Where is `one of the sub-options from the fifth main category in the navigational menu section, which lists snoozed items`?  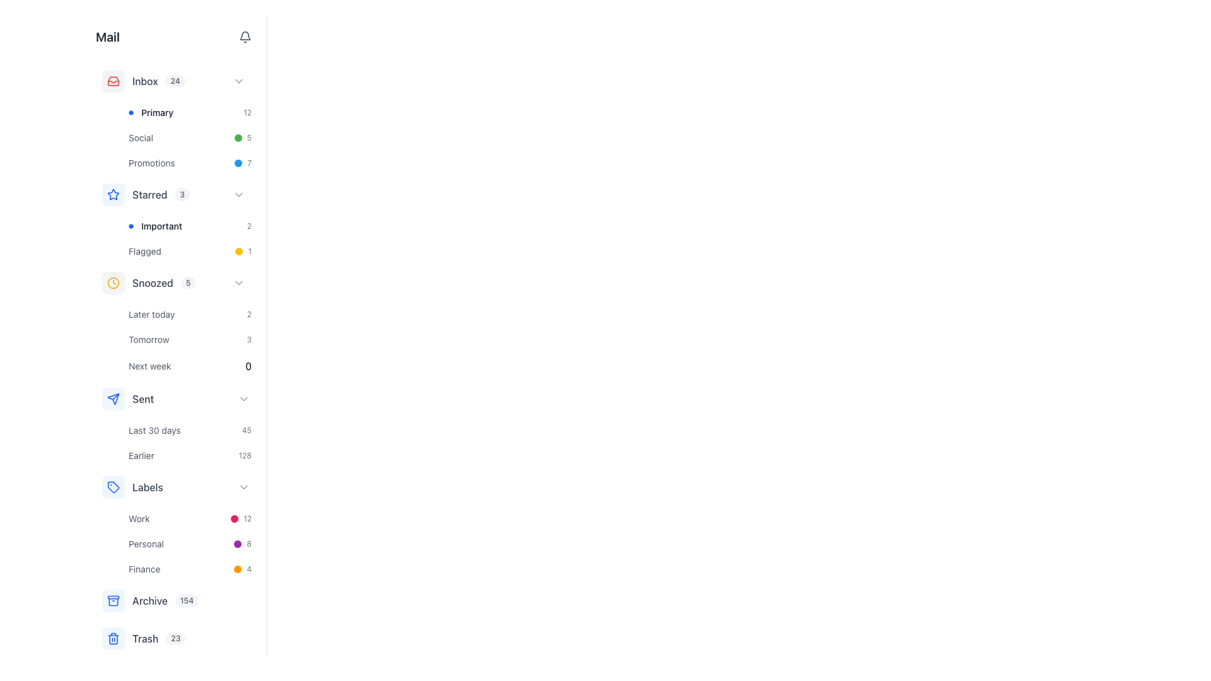
one of the sub-options from the fifth main category in the navigational menu section, which lists snoozed items is located at coordinates (175, 321).